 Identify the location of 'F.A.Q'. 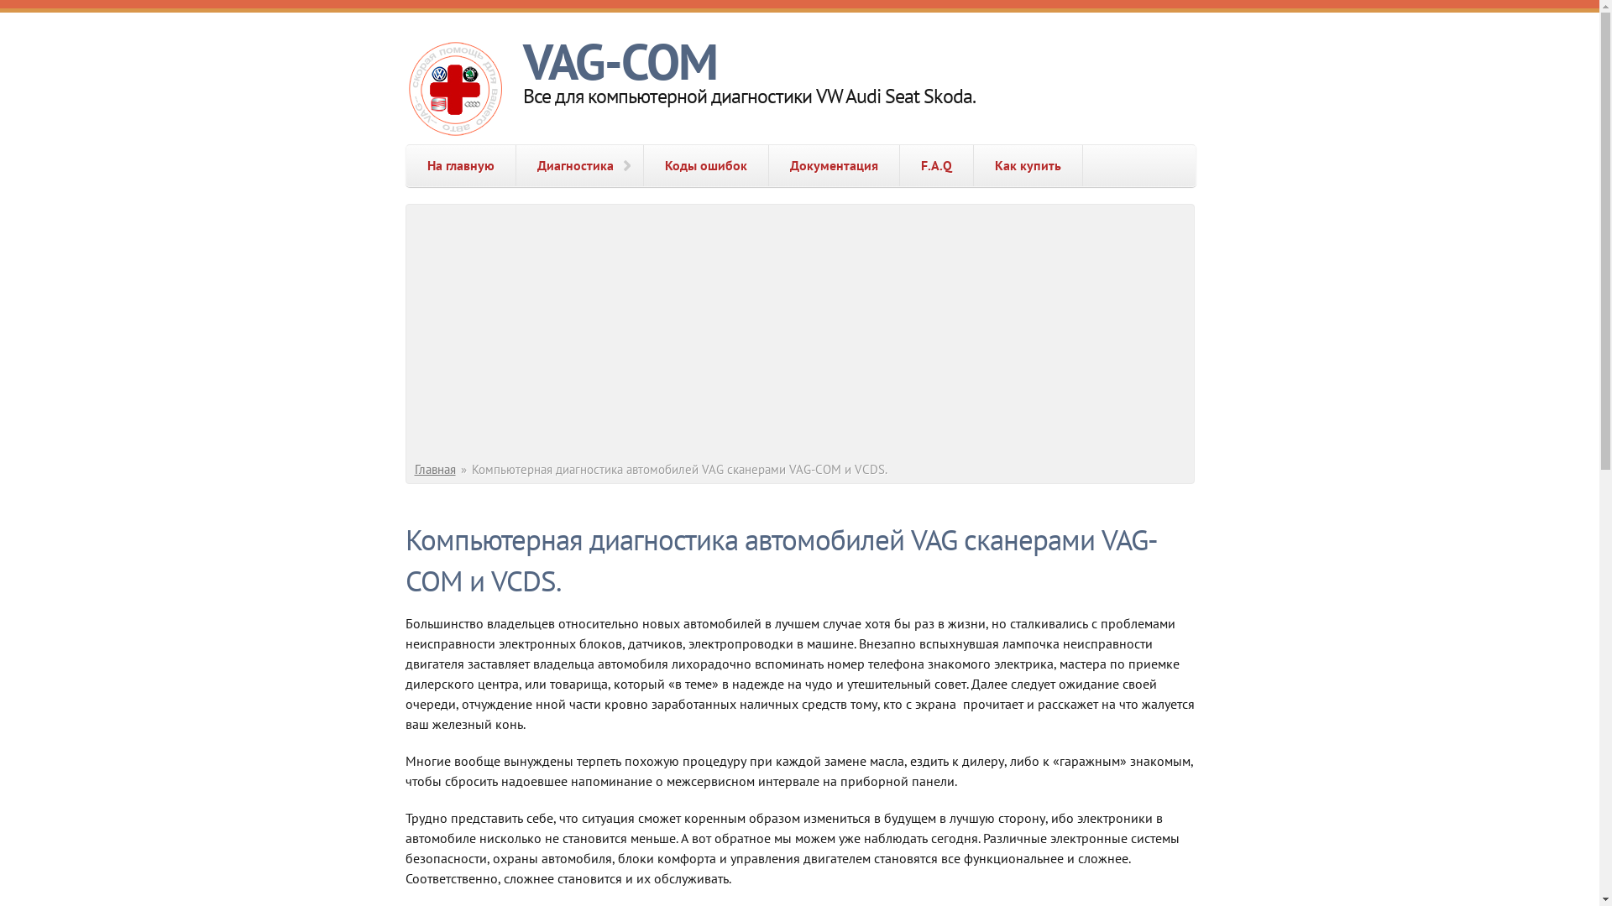
(935, 165).